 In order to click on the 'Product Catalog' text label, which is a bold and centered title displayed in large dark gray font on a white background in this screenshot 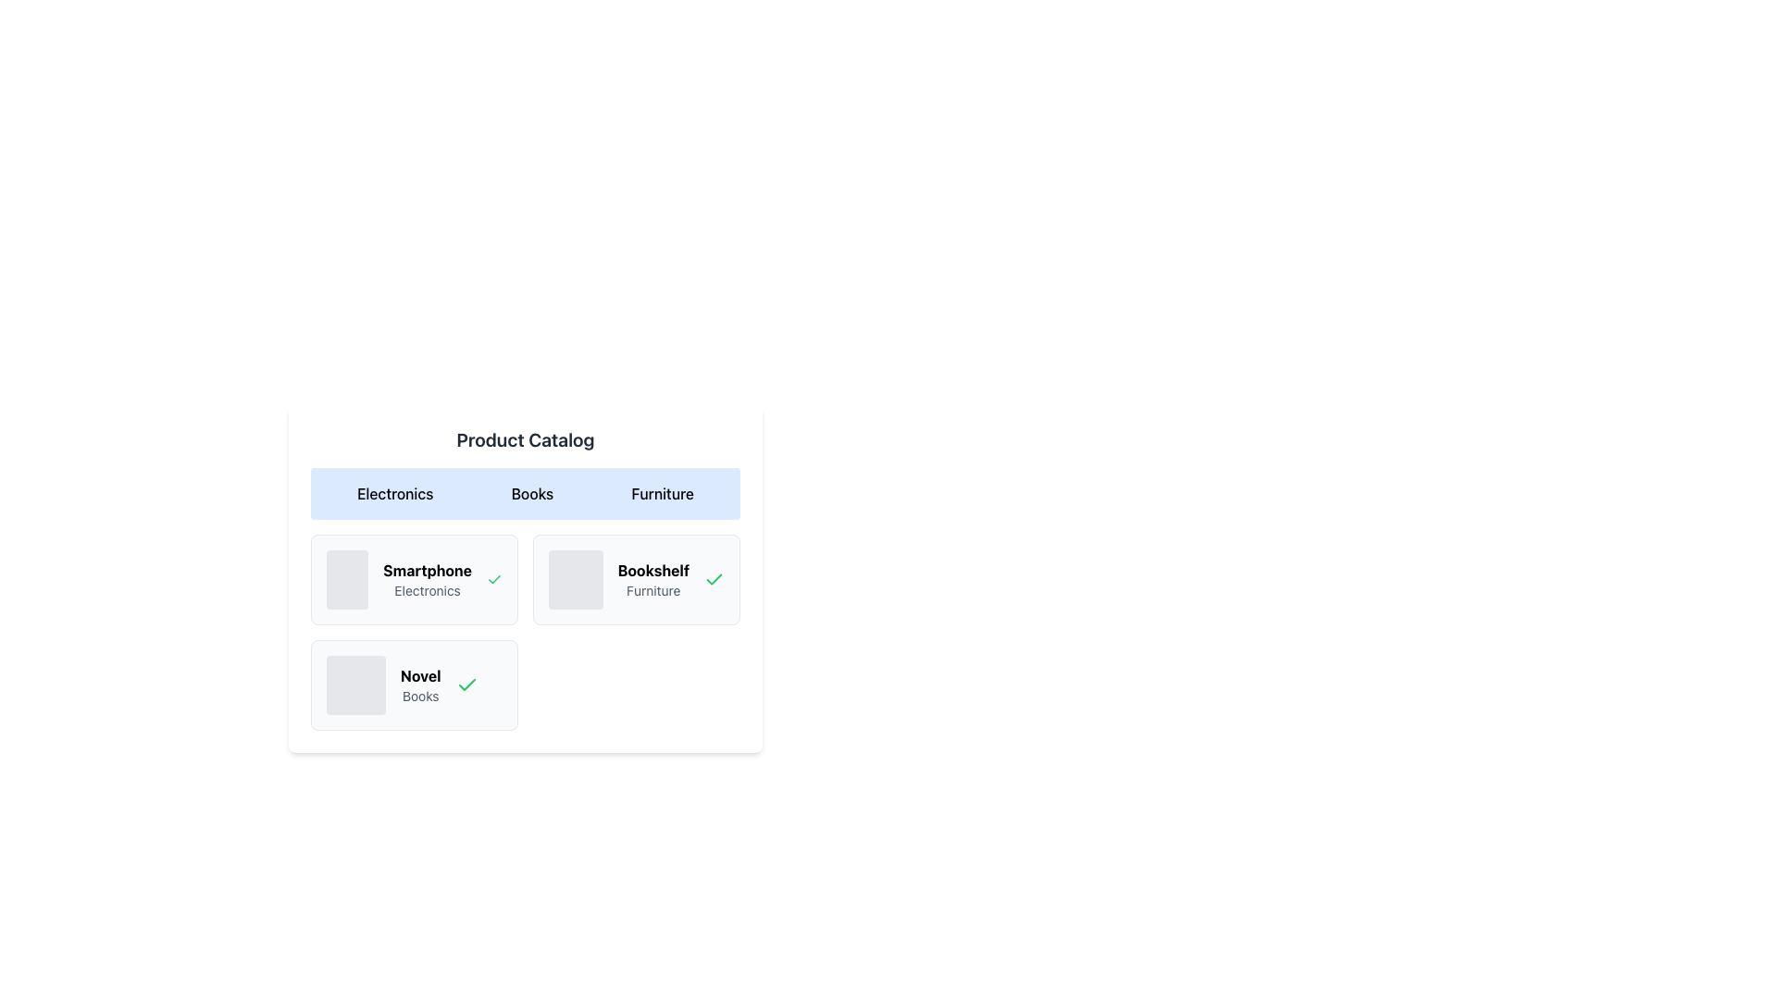, I will do `click(524, 439)`.